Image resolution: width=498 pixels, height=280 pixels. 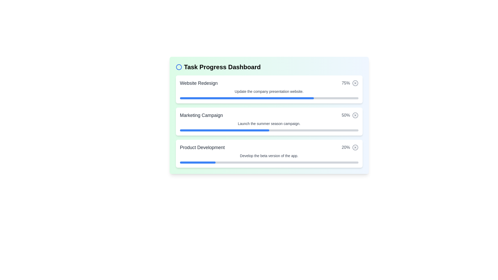 What do you see at coordinates (179, 67) in the screenshot?
I see `the decorative status indicator icon (circle) located in the upper-left region of the interface near the 'Task Progress Dashboard' title` at bounding box center [179, 67].